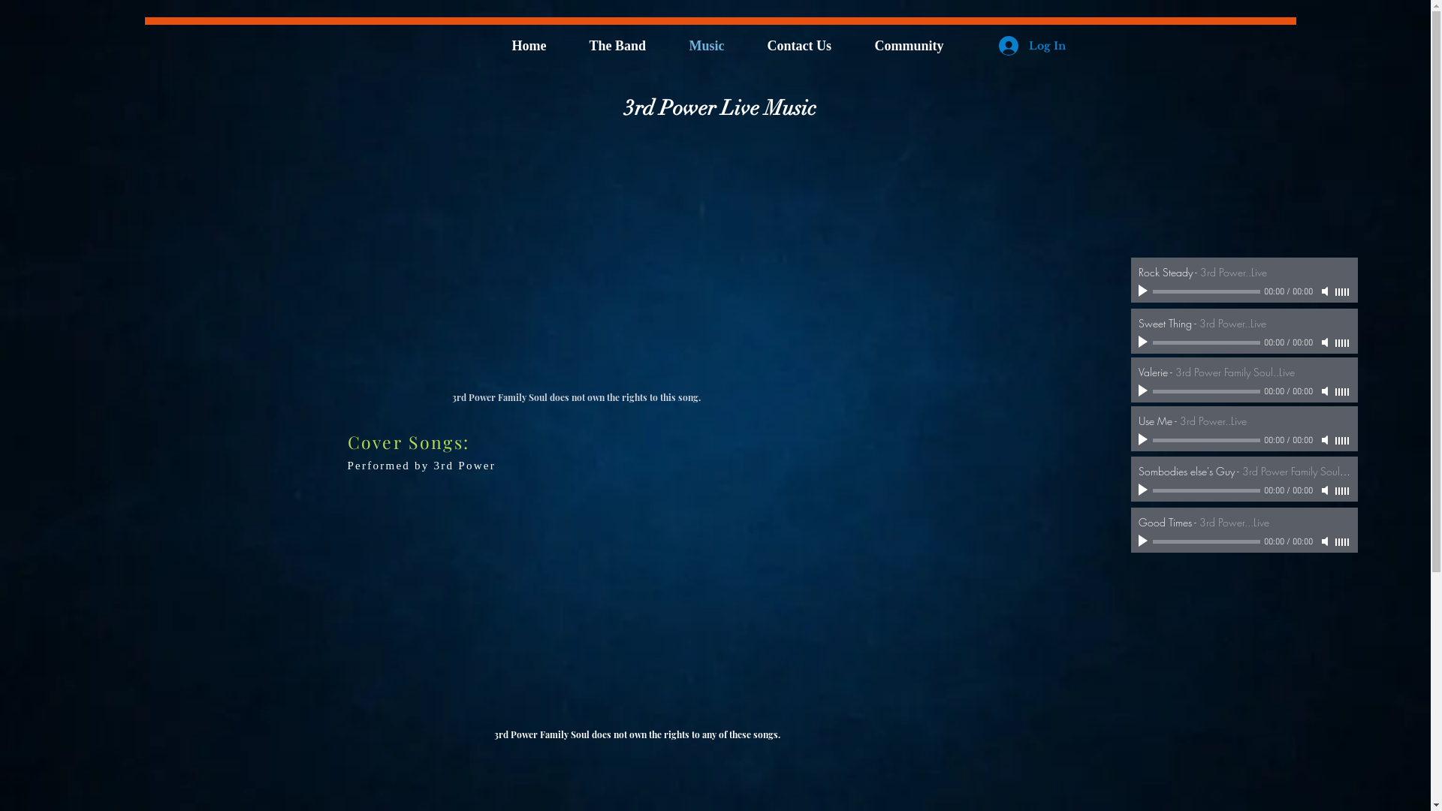 This screenshot has width=1442, height=811. Describe the element at coordinates (538, 45) in the screenshot. I see `'Home'` at that location.